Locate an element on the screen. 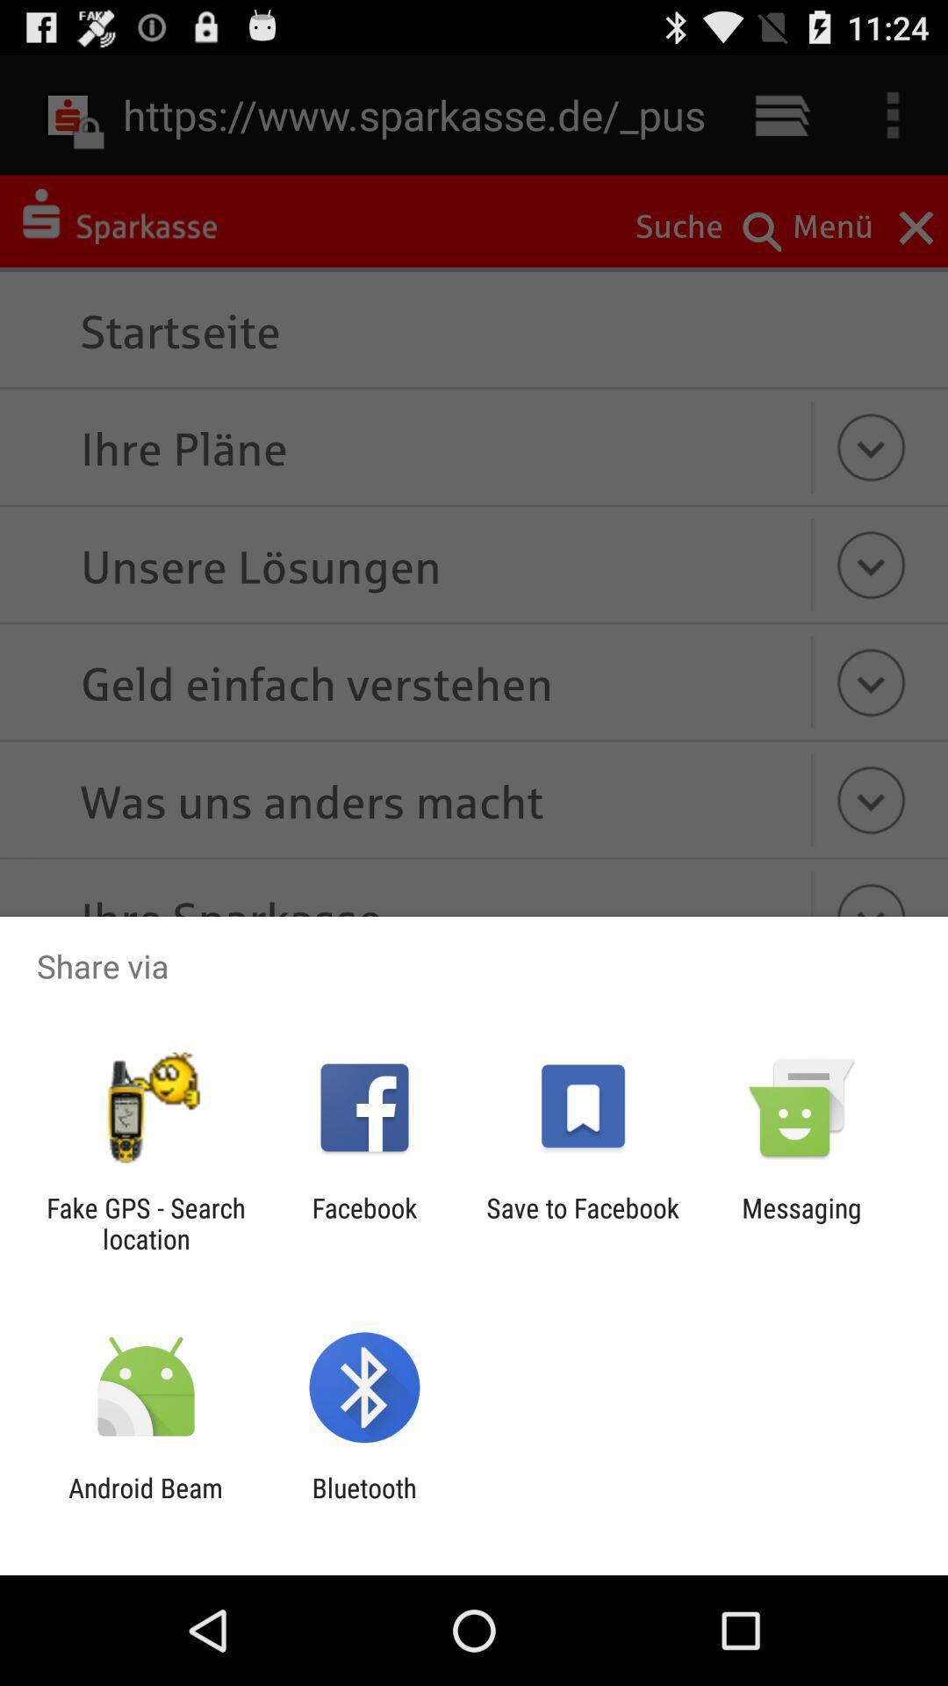 The height and width of the screenshot is (1686, 948). messaging icon is located at coordinates (801, 1222).